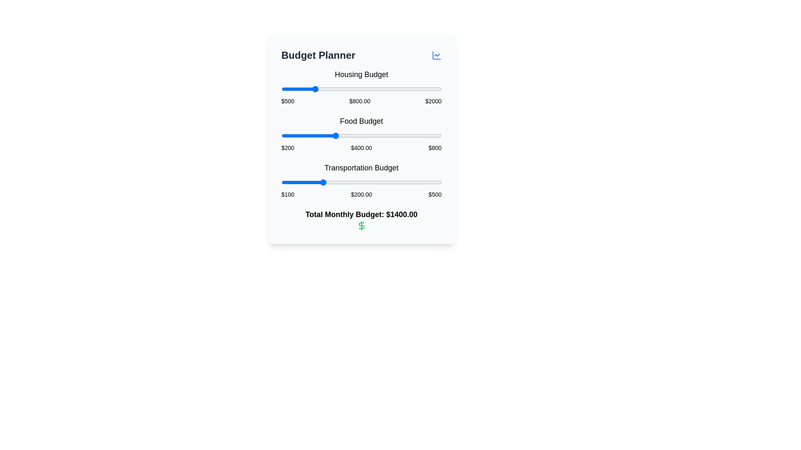 The width and height of the screenshot is (801, 450). Describe the element at coordinates (325, 182) in the screenshot. I see `the transportation budget` at that location.